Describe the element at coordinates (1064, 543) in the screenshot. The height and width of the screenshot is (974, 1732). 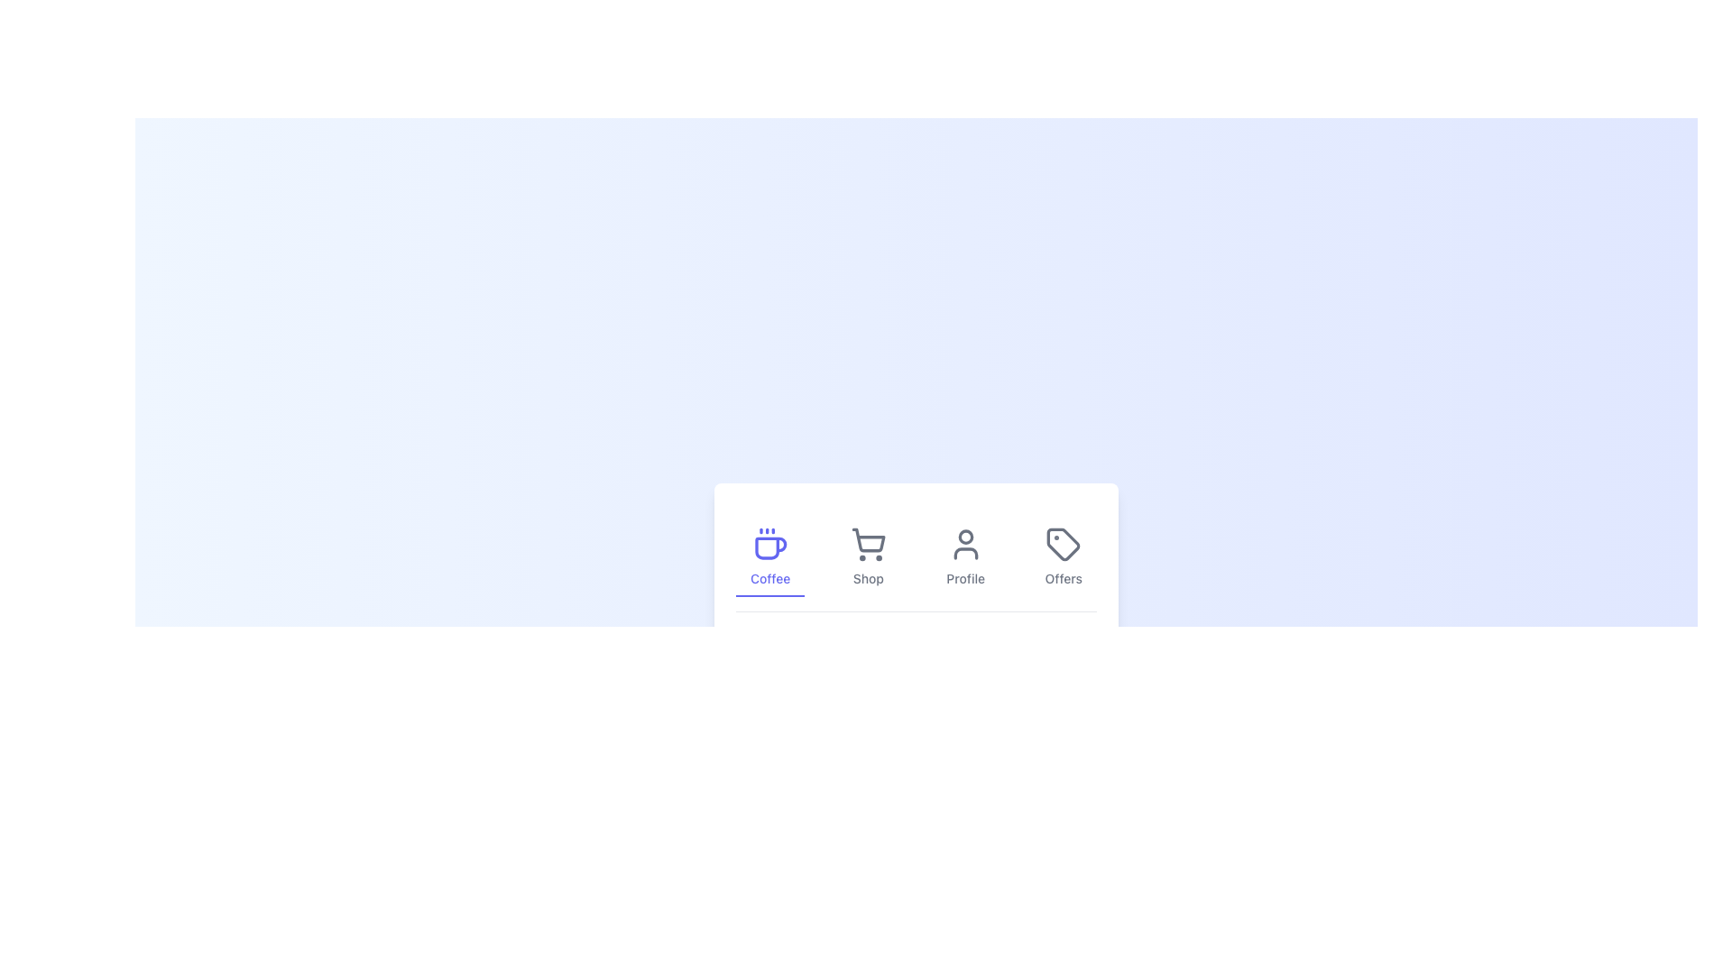
I see `the tag icon, which is a diagonal rectangular shape with a small circular dot, located at the rightmost position of the horizontal navigation bar labeled 'Offers'` at that location.